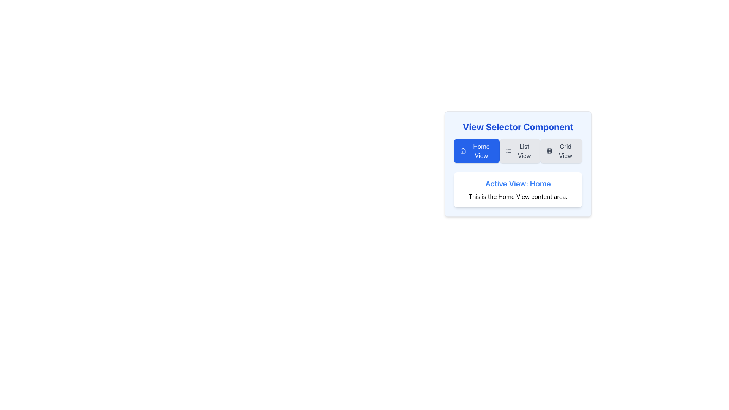  Describe the element at coordinates (518, 183) in the screenshot. I see `static text label indicating the 'Home' view, which serves as the header of the interface` at that location.